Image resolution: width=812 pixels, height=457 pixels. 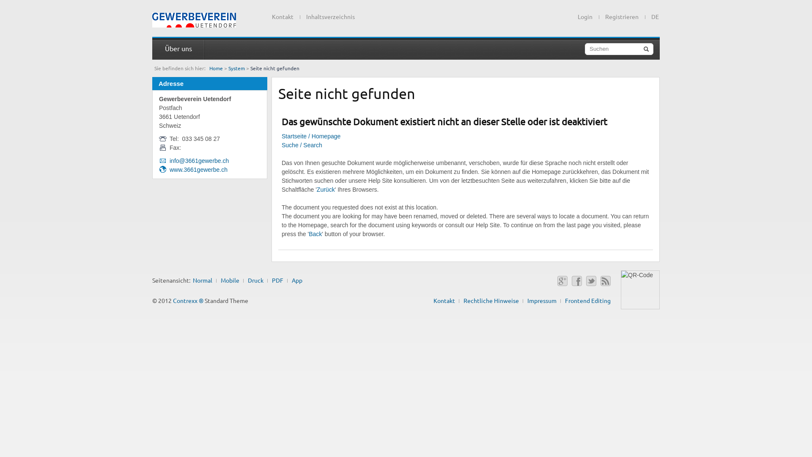 I want to click on 'Suchen', so click(x=619, y=49).